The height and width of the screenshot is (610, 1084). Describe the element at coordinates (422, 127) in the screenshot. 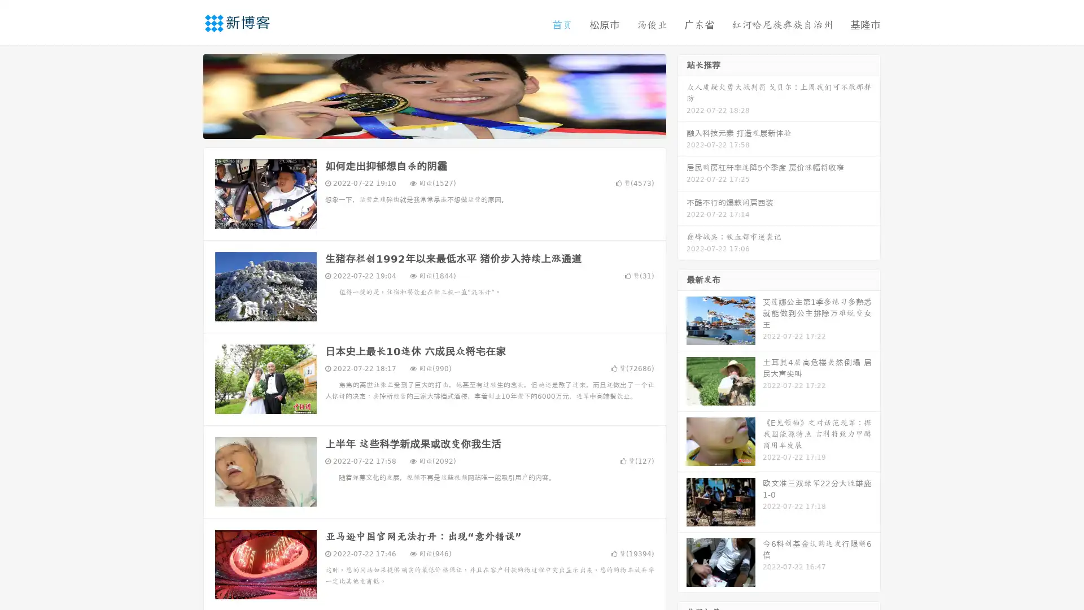

I see `Go to slide 1` at that location.